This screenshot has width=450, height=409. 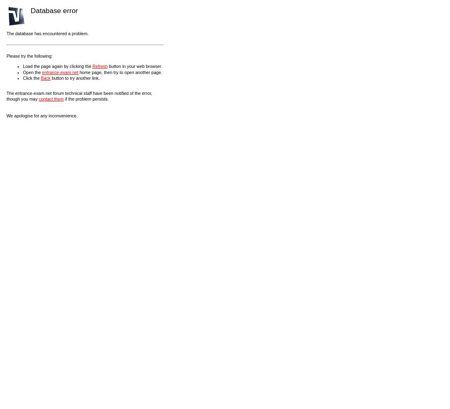 I want to click on 'The entrance-exam.net forum technical staff have been notified of the error, though you may', so click(x=79, y=95).